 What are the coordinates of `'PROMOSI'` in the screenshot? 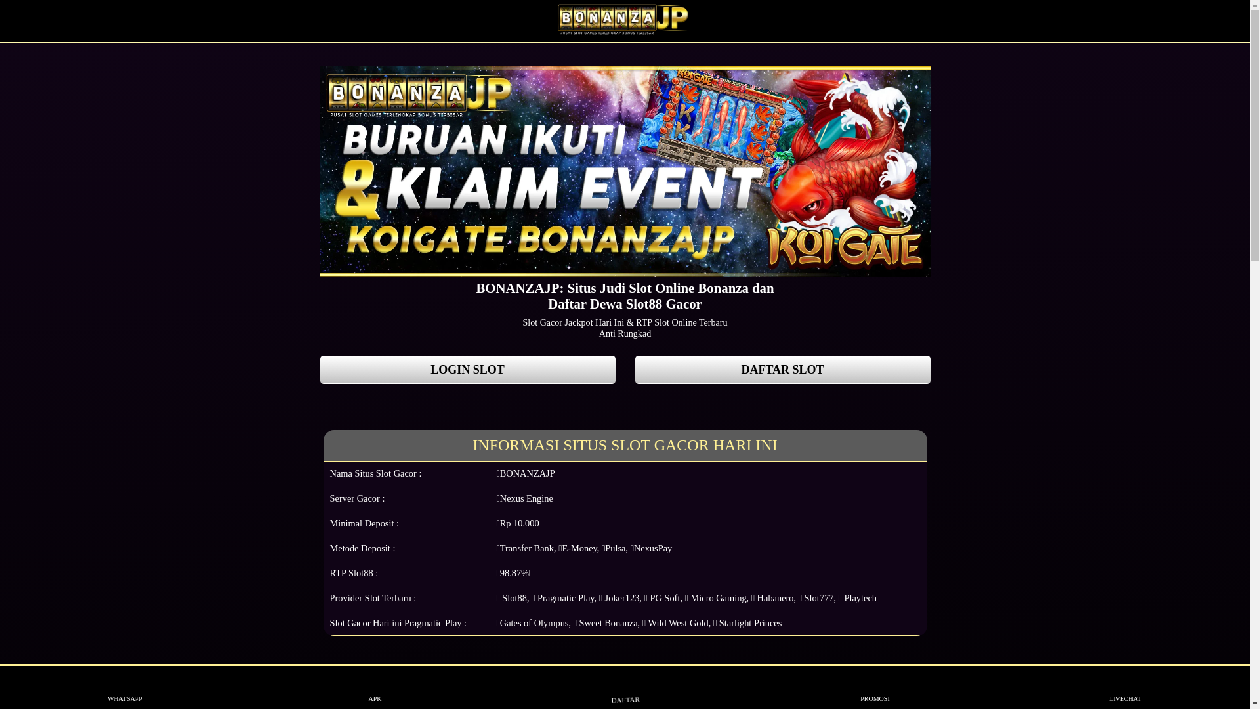 It's located at (875, 686).